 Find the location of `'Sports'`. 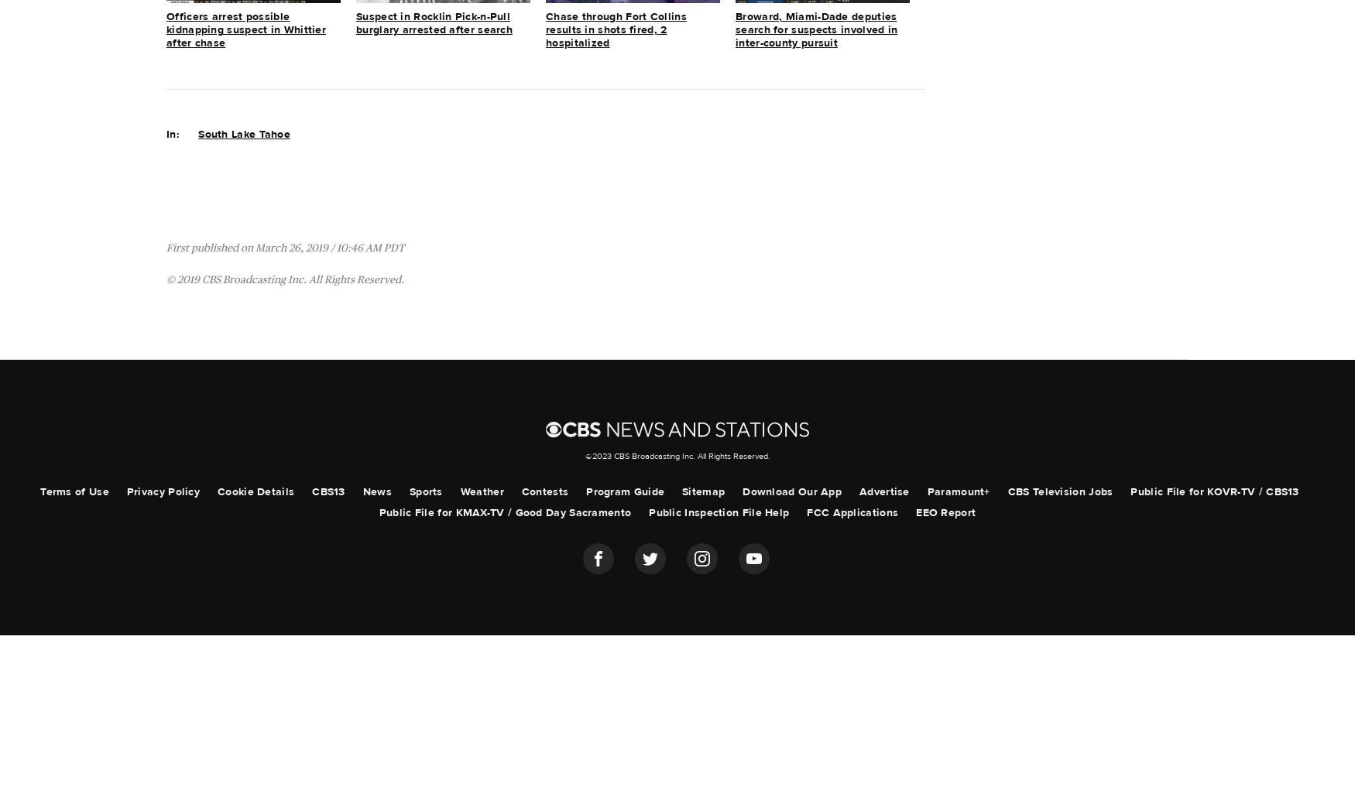

'Sports' is located at coordinates (424, 491).